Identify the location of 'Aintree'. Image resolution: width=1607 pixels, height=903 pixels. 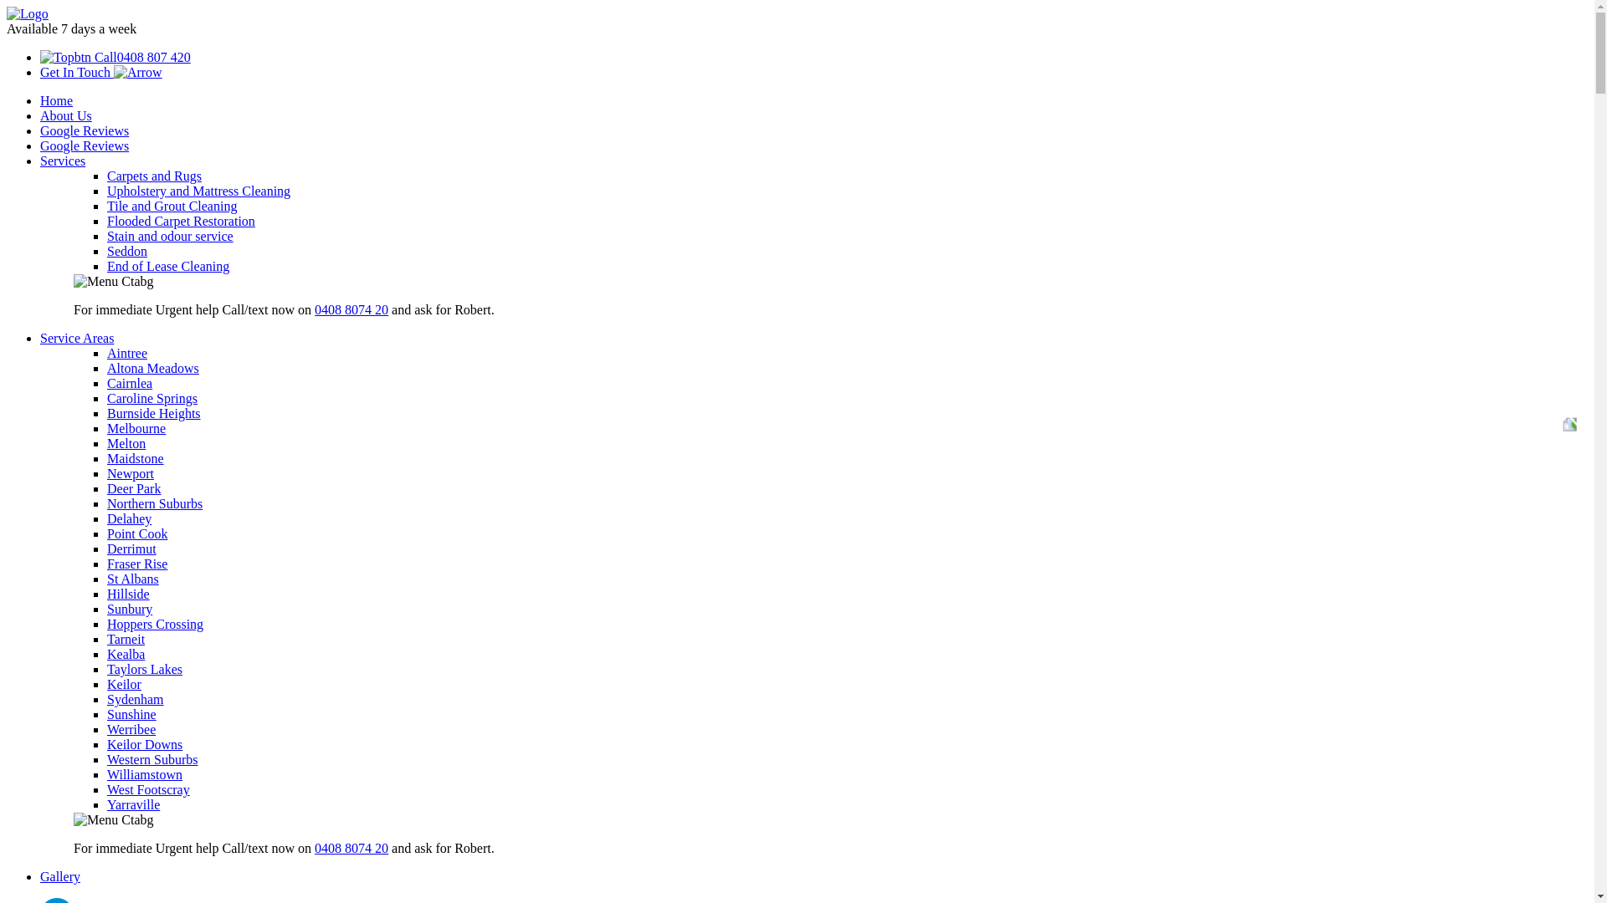
(126, 352).